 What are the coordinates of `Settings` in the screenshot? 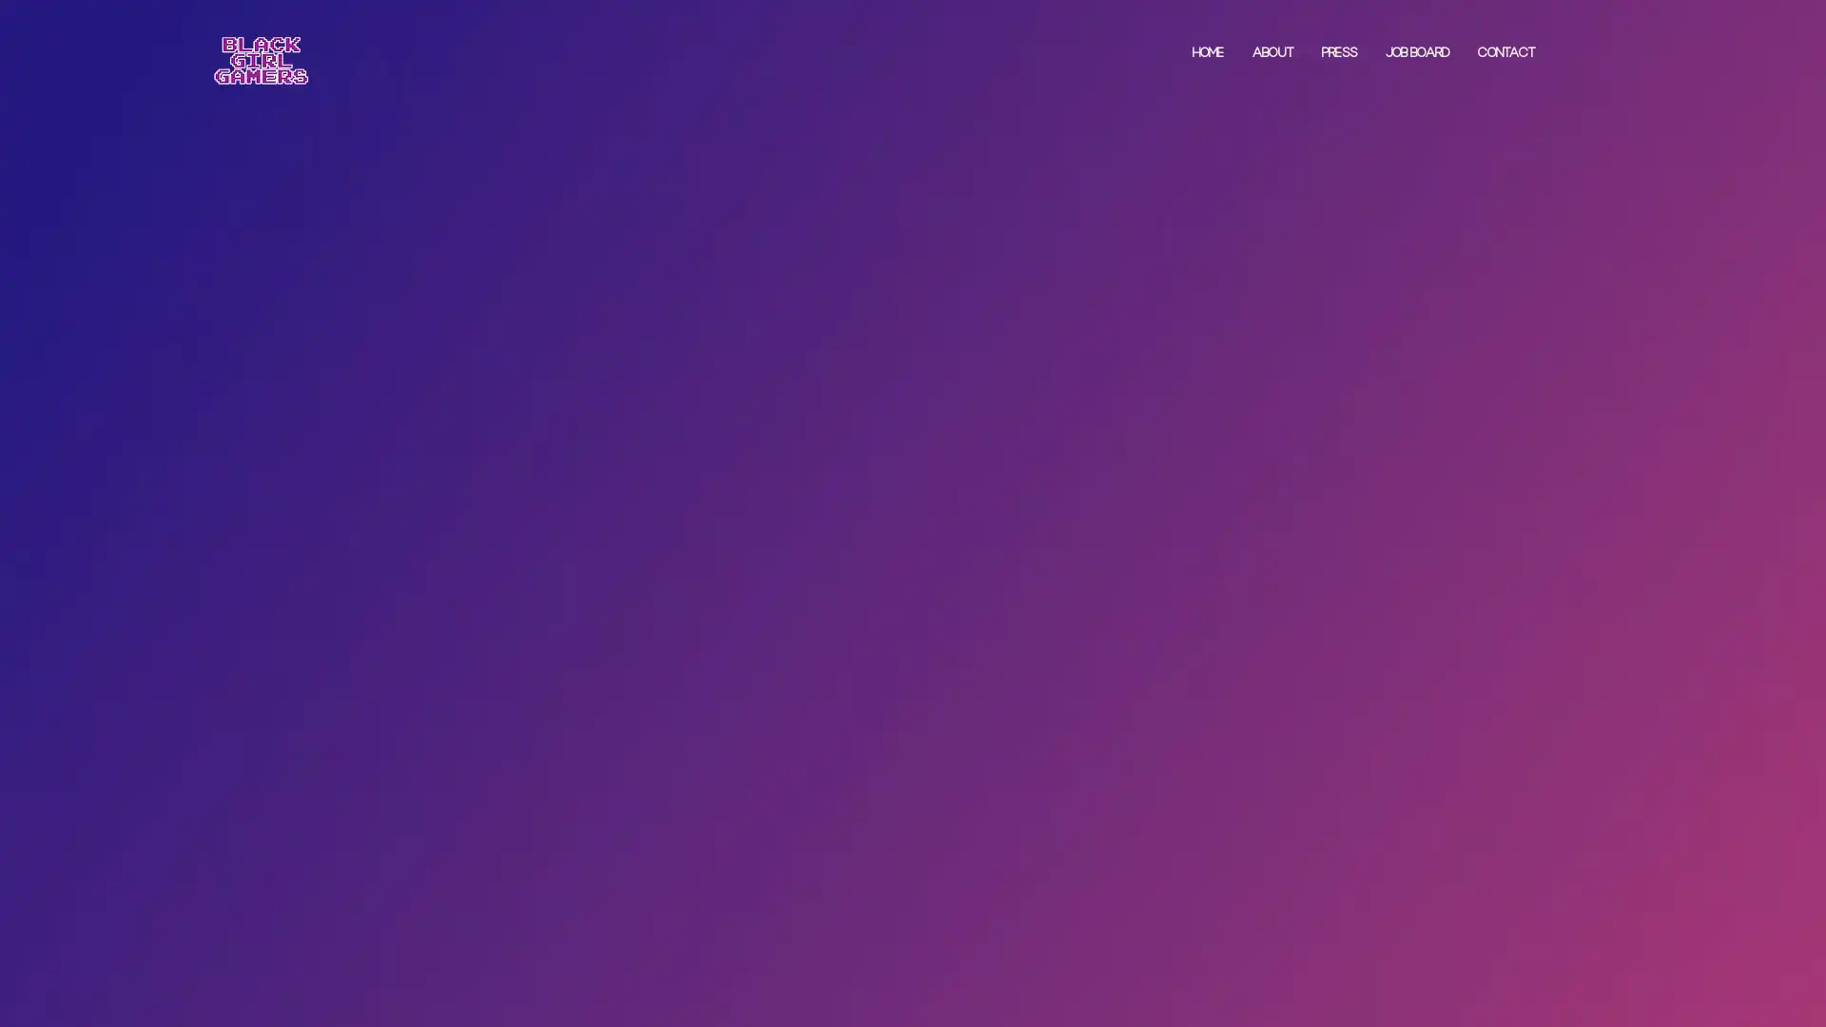 It's located at (1658, 996).